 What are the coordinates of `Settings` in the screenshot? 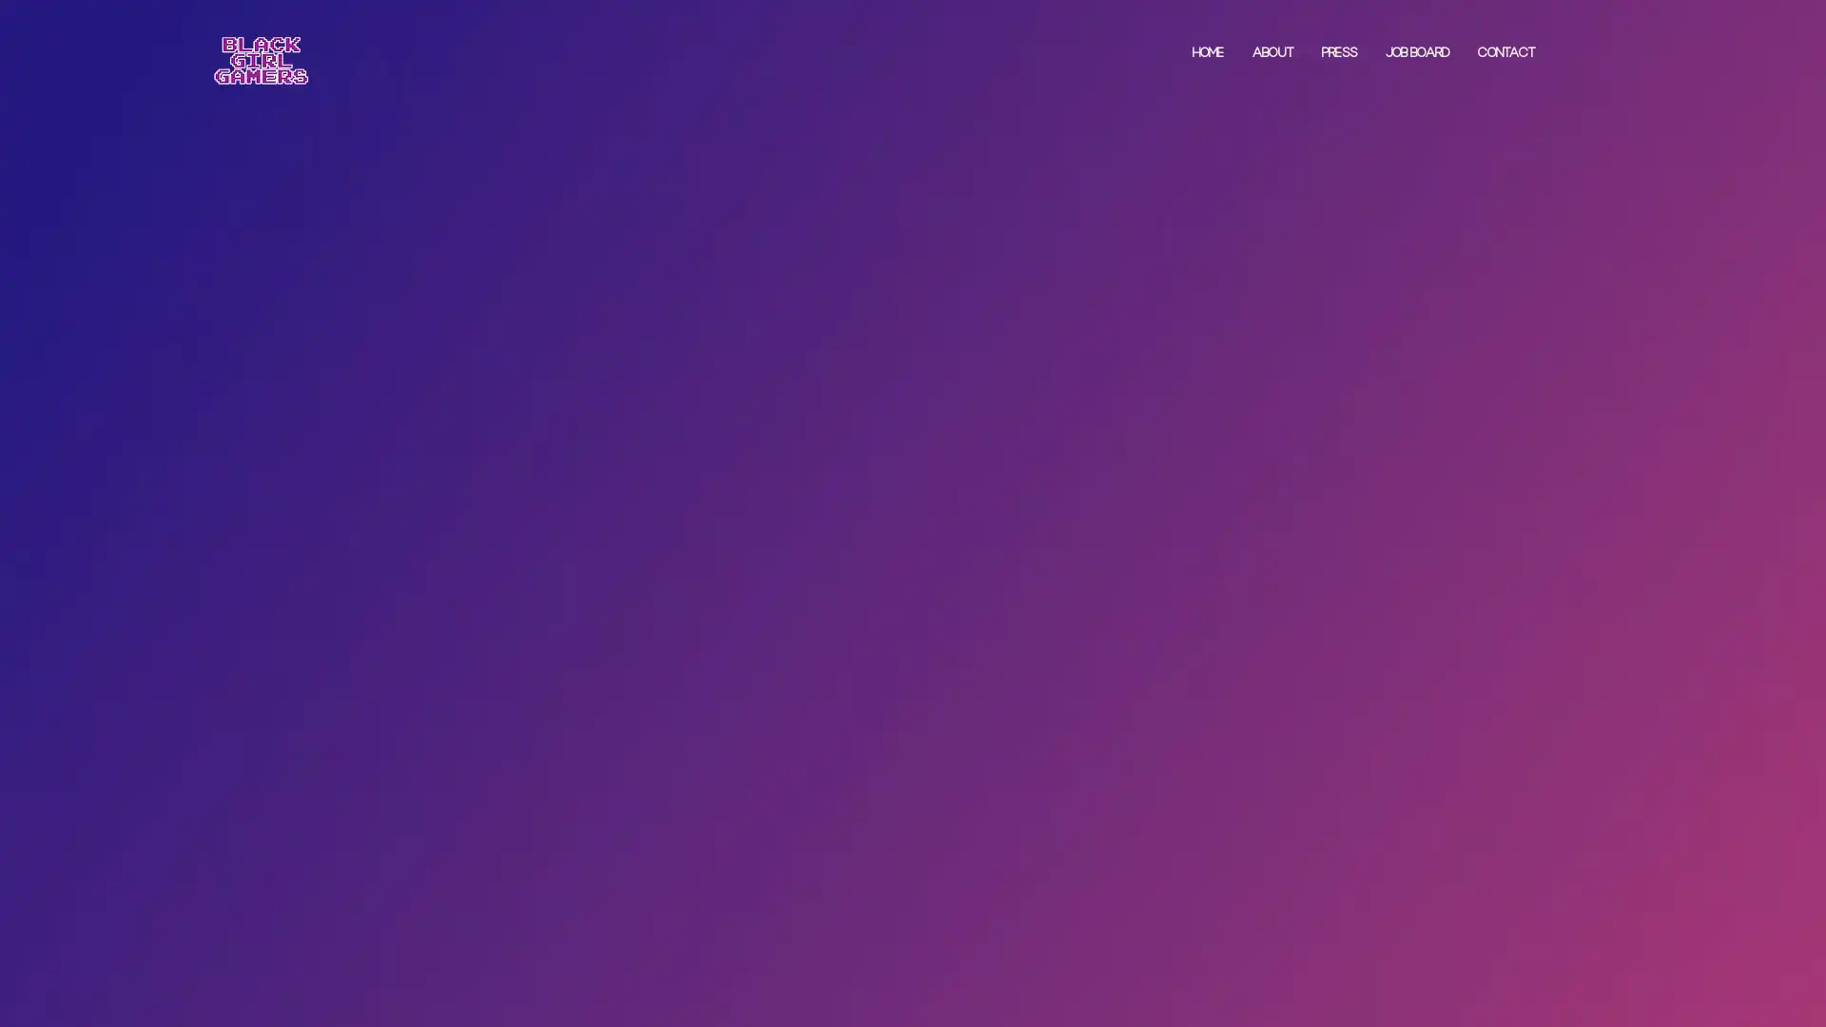 It's located at (1658, 996).